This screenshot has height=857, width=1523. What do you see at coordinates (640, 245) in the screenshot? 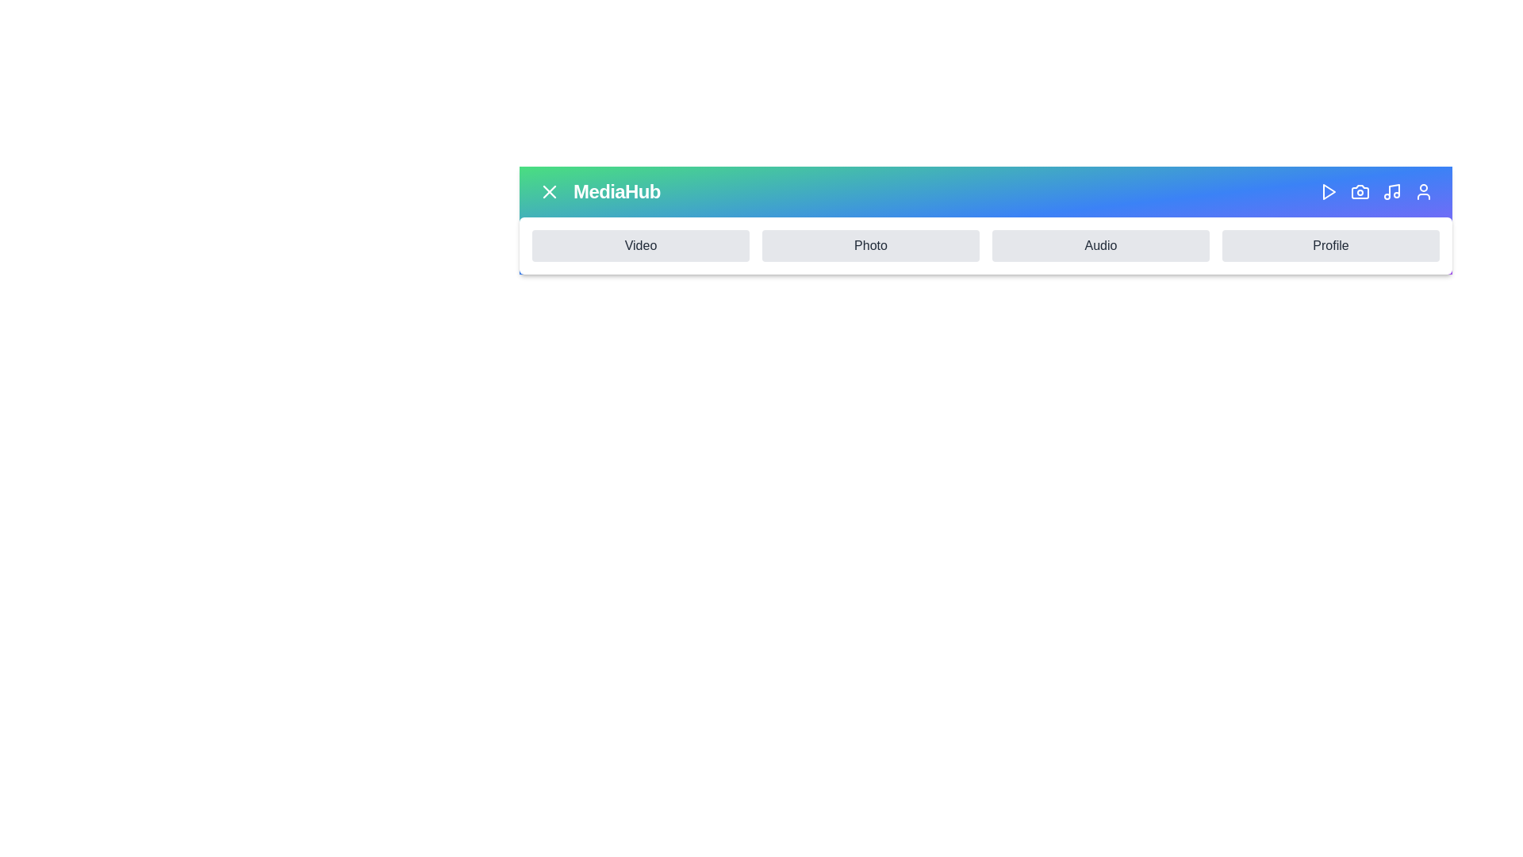
I see `the navigation item Video by clicking on its respective button` at bounding box center [640, 245].